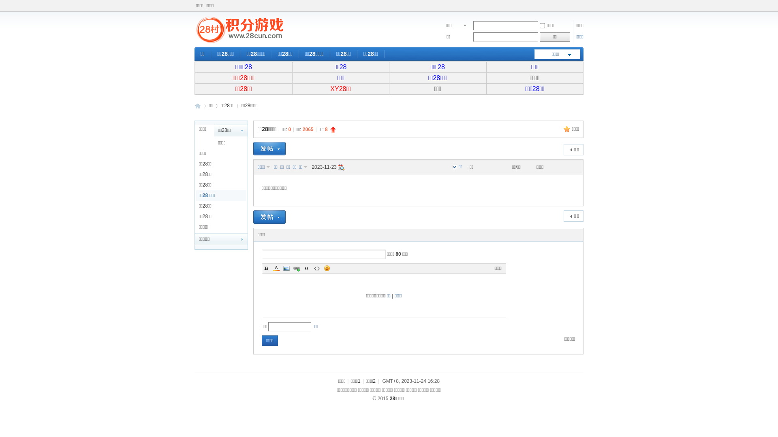 The width and height of the screenshot is (778, 437). Describe the element at coordinates (276, 268) in the screenshot. I see `'Color'` at that location.